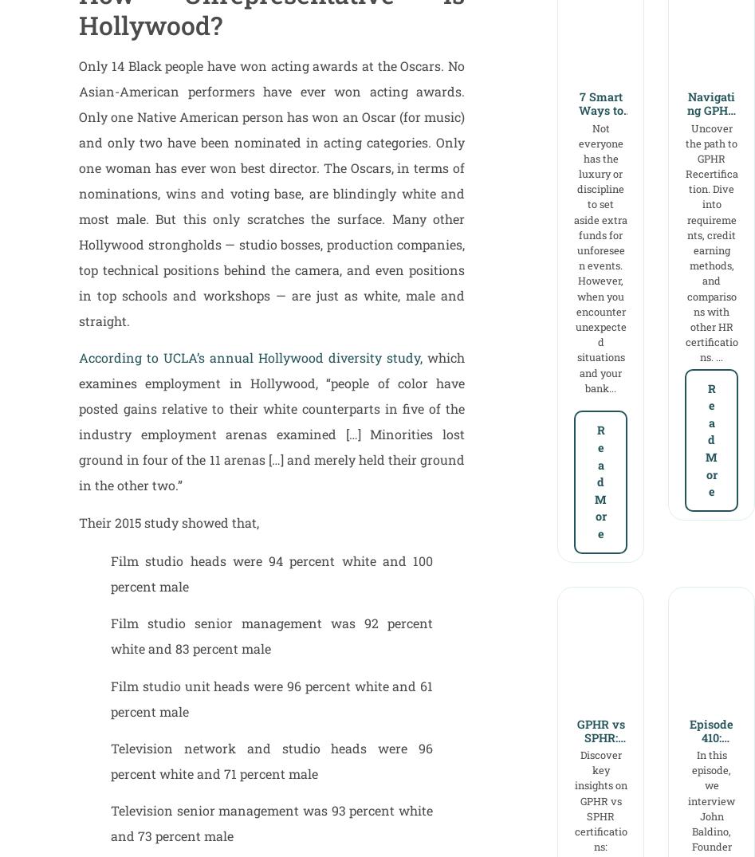 The image size is (755, 857). I want to click on 'Film studio heads were 94 percent white and 100 percent male', so click(271, 572).